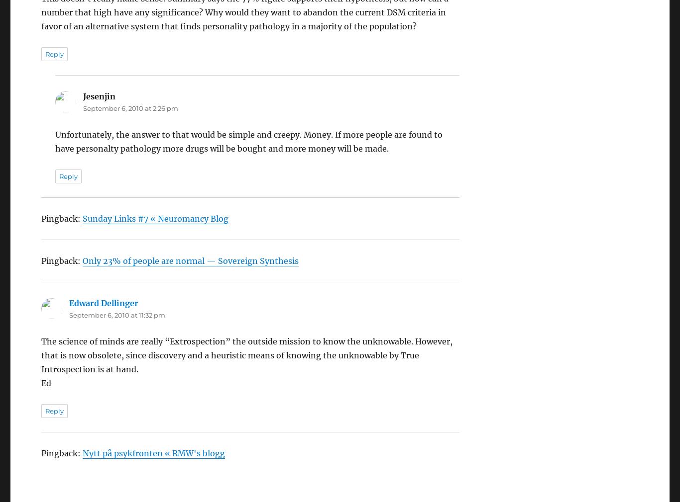 This screenshot has height=502, width=680. Describe the element at coordinates (248, 113) in the screenshot. I see `'Unfortunately, the answer to that would be simple and creepy. Money. If more people are found to have personalty pathology more drugs will be bought and more money will be made.'` at that location.